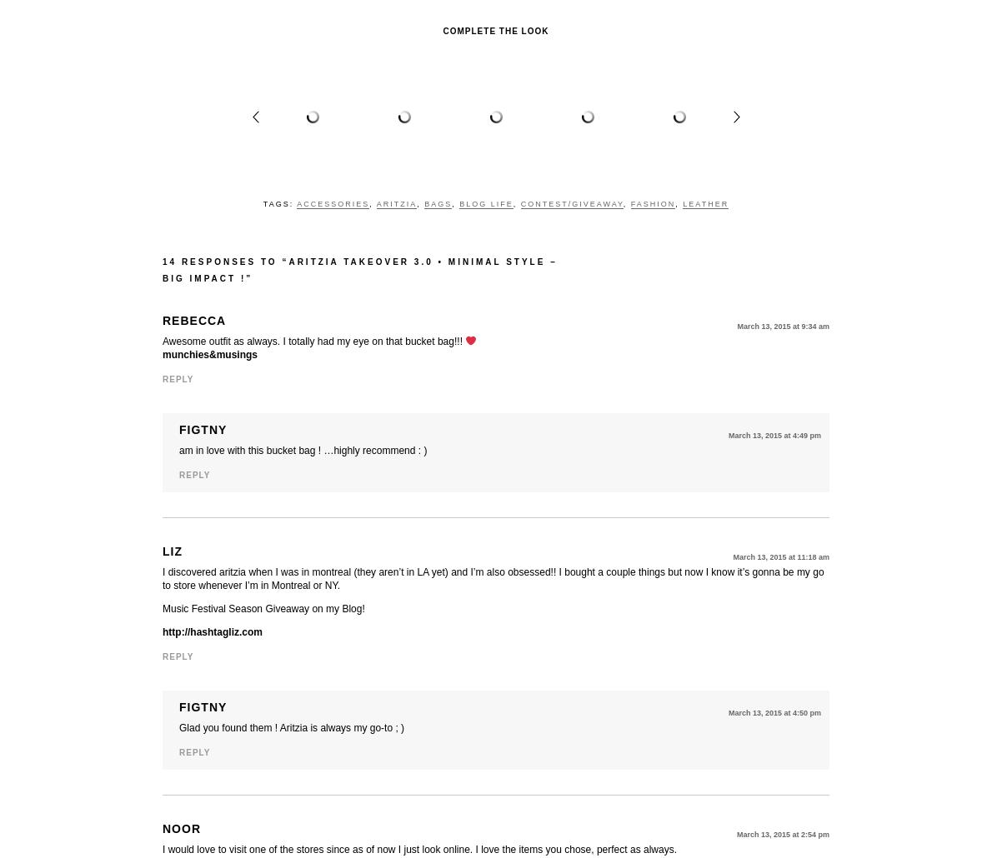  Describe the element at coordinates (182, 827) in the screenshot. I see `'Noor'` at that location.